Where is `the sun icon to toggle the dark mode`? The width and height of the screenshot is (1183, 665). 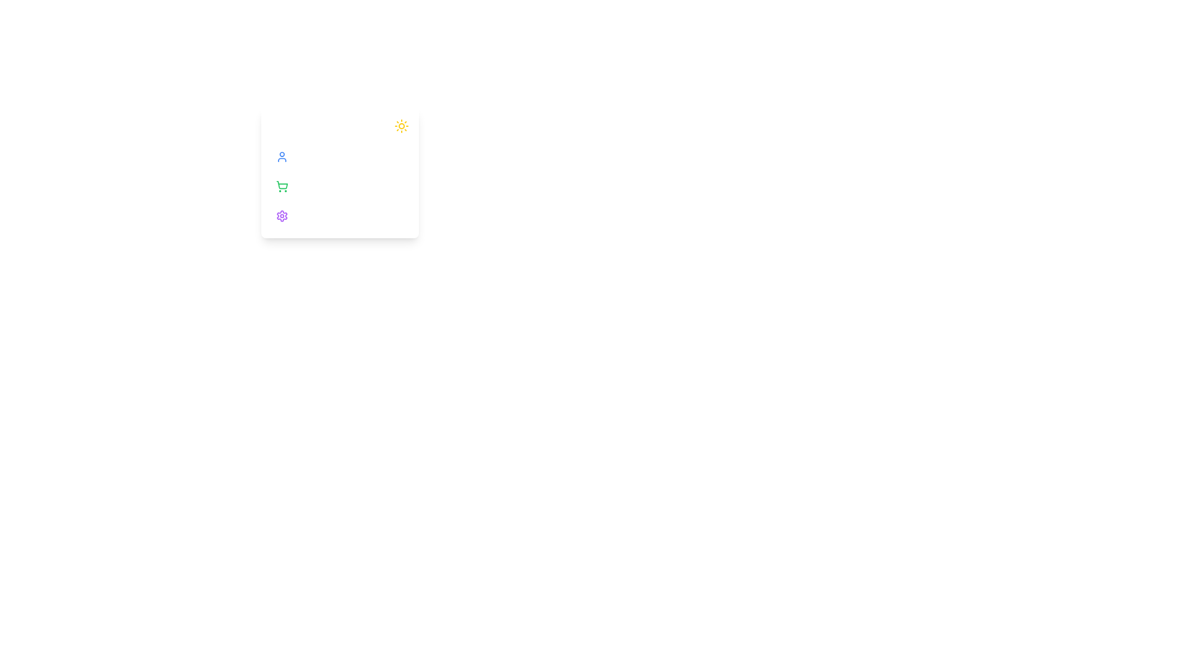
the sun icon to toggle the dark mode is located at coordinates (402, 126).